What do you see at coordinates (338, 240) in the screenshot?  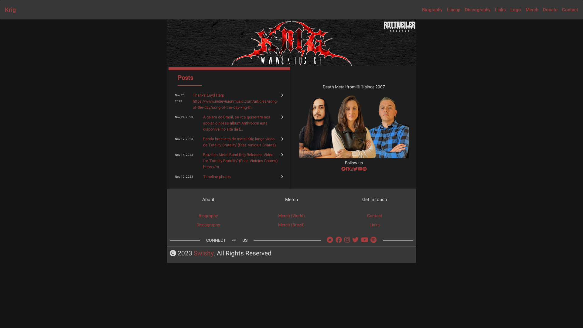 I see `'Facebook'` at bounding box center [338, 240].